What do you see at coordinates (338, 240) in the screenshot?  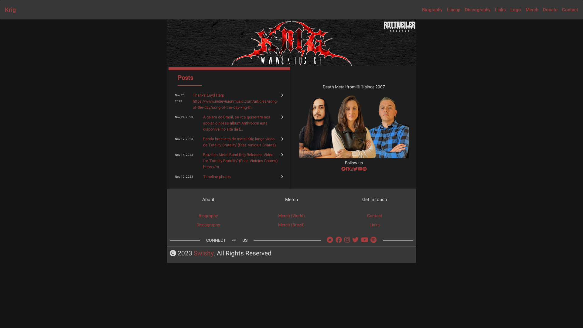 I see `'Facebook'` at bounding box center [338, 240].